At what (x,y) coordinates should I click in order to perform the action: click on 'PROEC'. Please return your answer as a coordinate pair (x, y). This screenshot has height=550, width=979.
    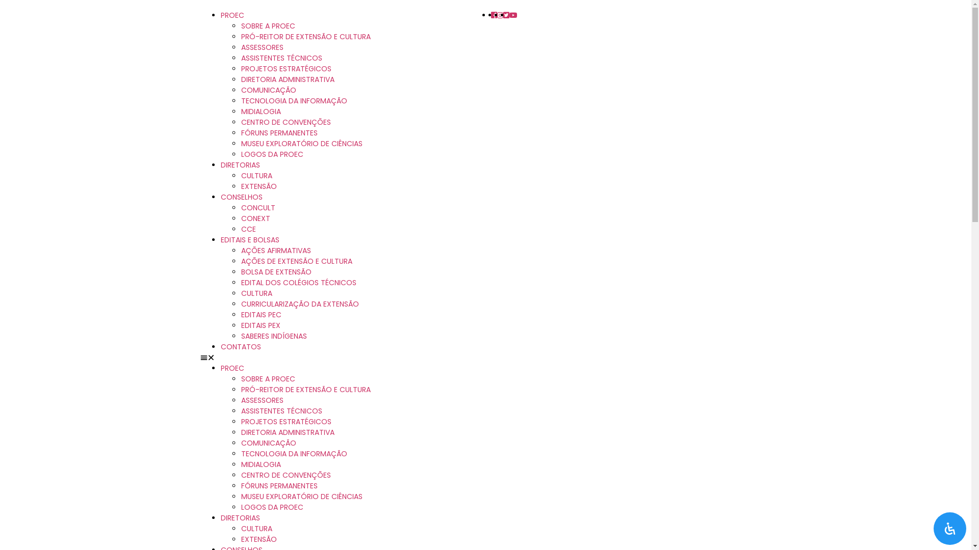
    Looking at the image, I should click on (220, 15).